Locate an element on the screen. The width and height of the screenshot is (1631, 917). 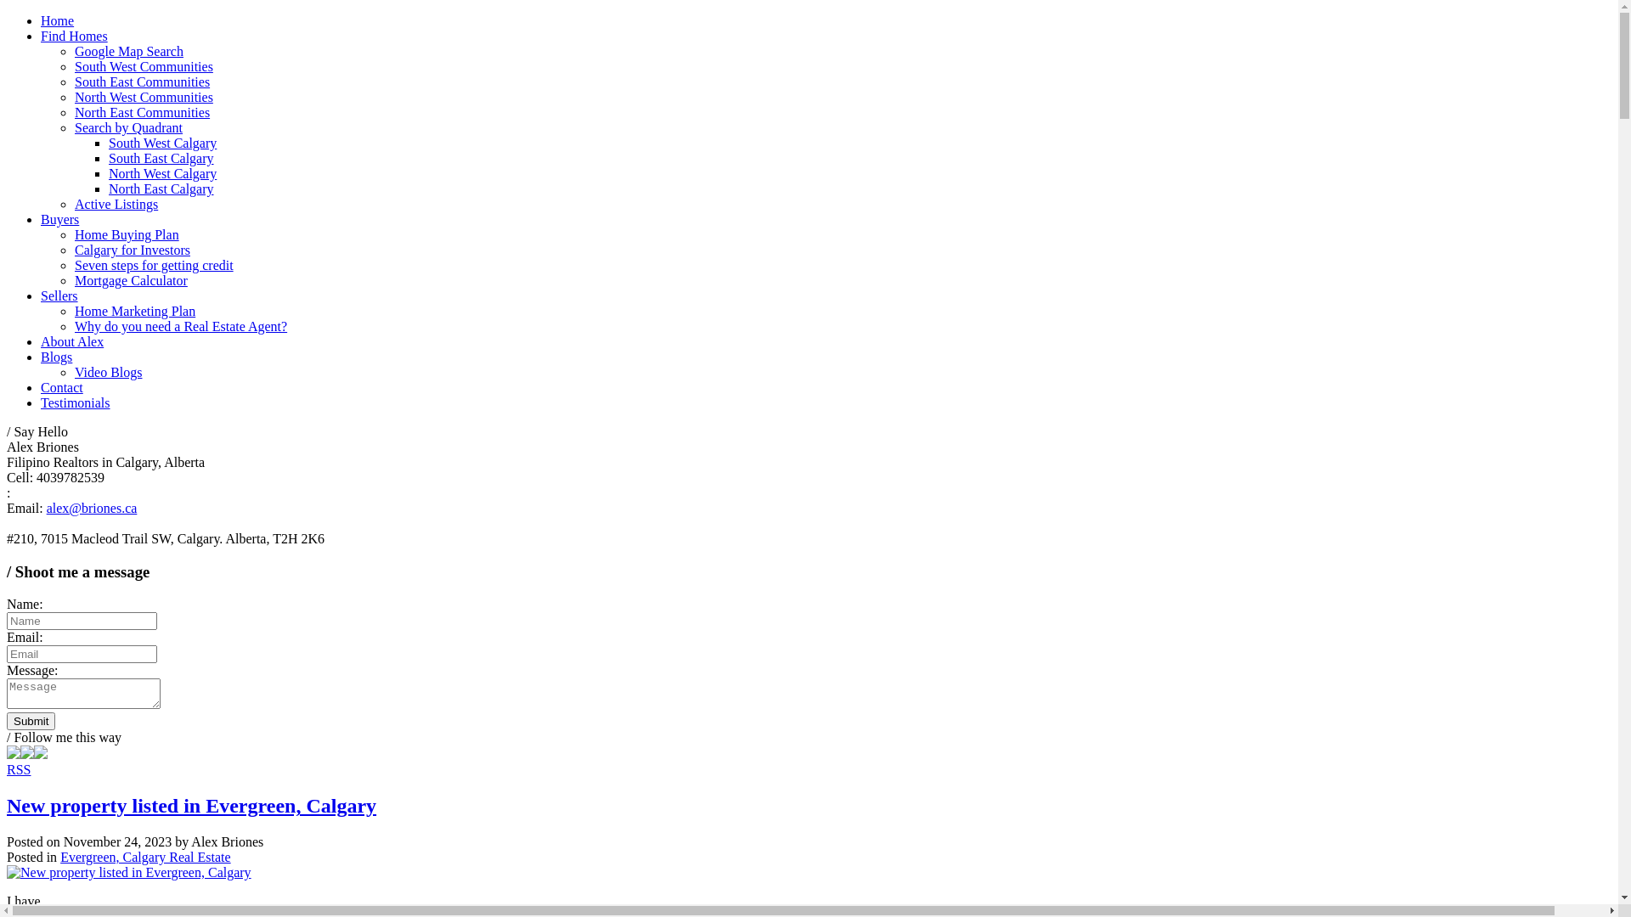
'Submit' is located at coordinates (31, 721).